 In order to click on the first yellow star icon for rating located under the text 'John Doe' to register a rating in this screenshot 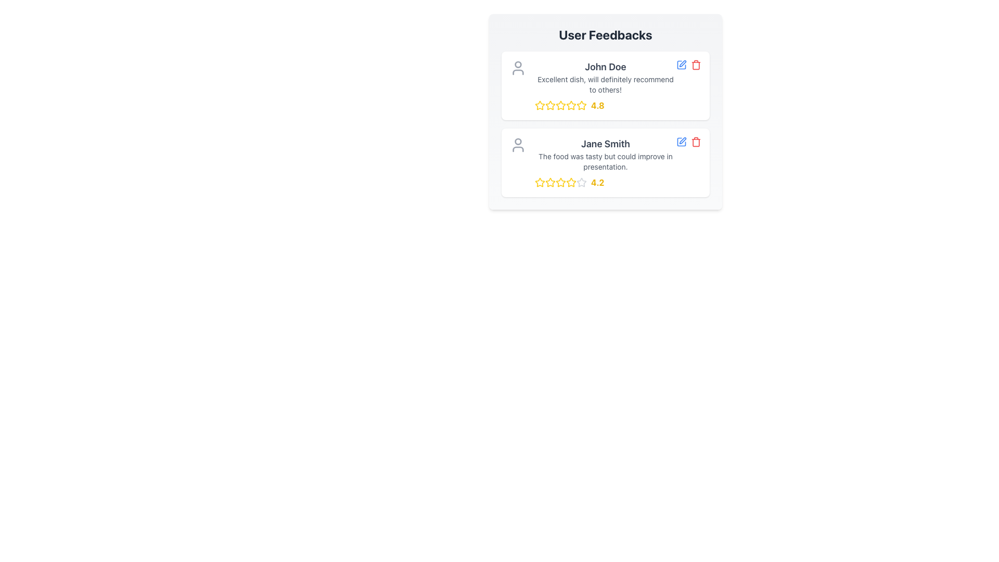, I will do `click(540, 106)`.